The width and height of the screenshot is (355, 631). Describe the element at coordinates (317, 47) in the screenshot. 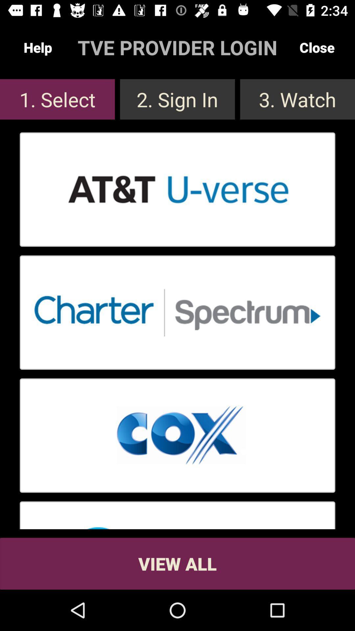

I see `close icon` at that location.